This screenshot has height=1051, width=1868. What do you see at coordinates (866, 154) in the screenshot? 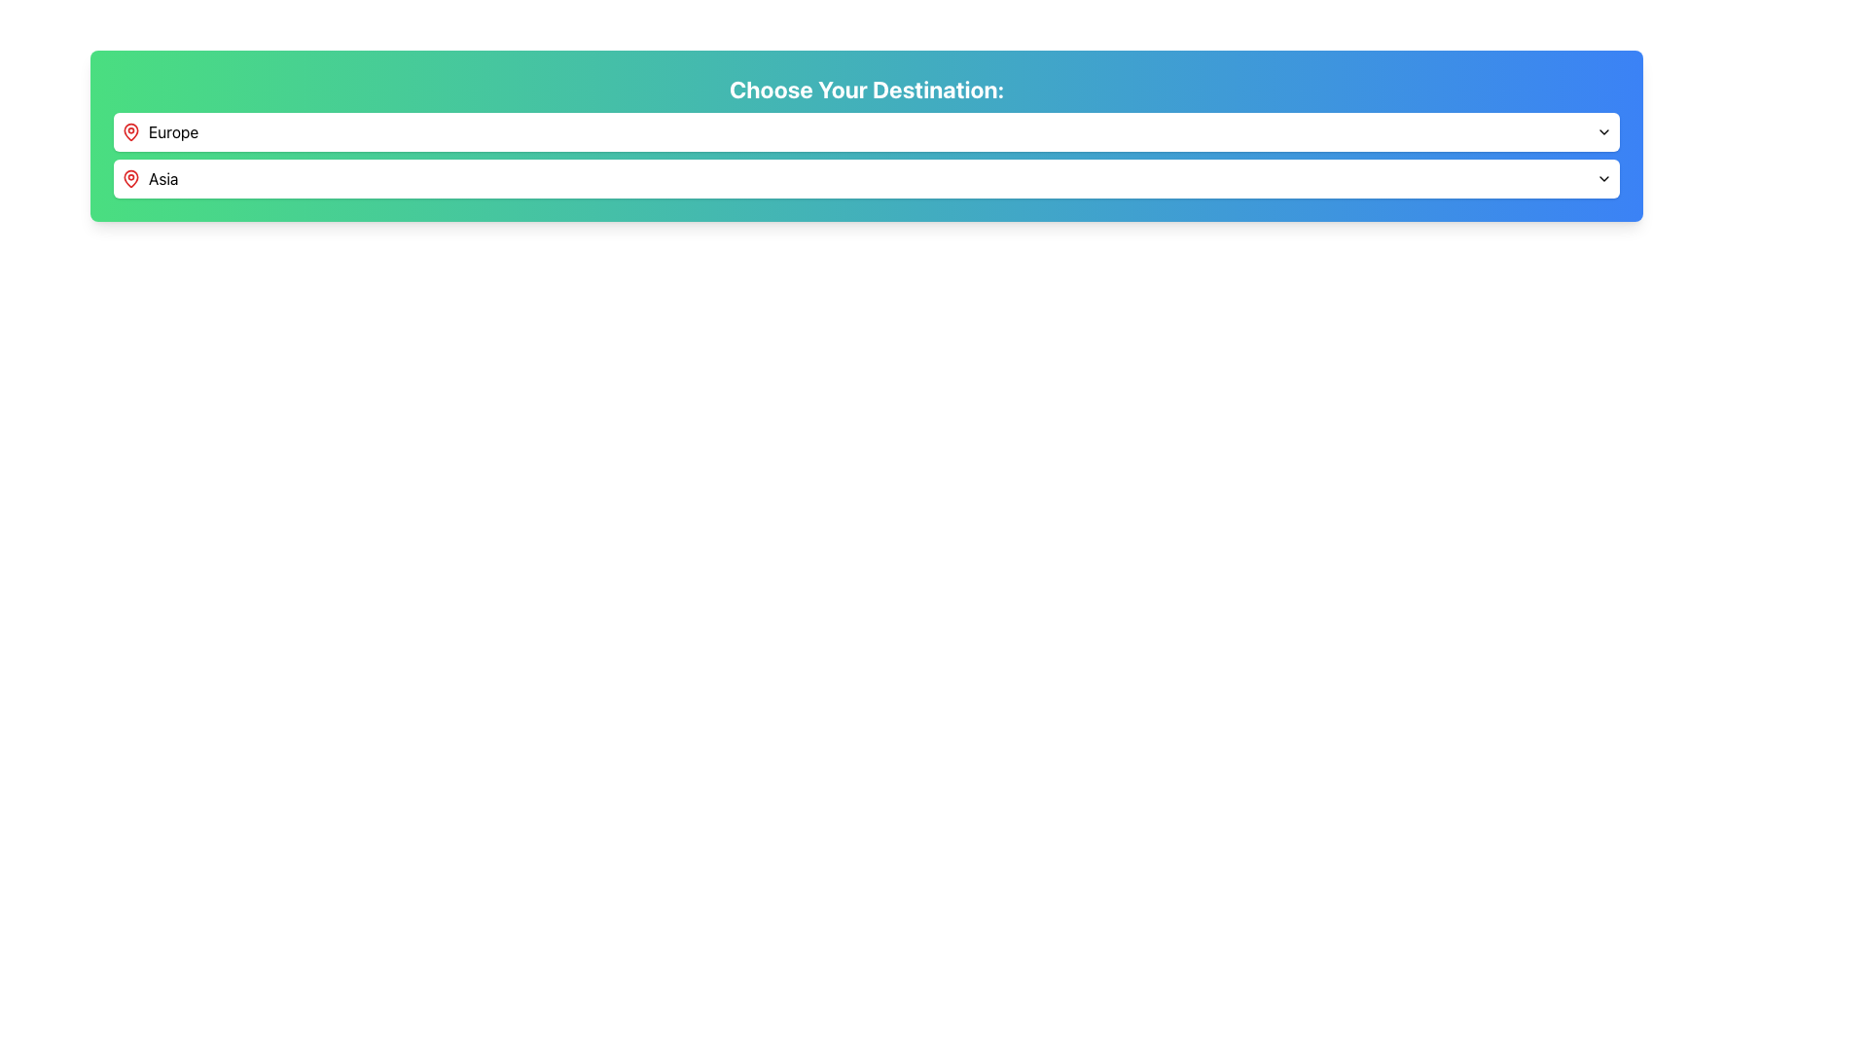
I see `the selectable items list` at bounding box center [866, 154].